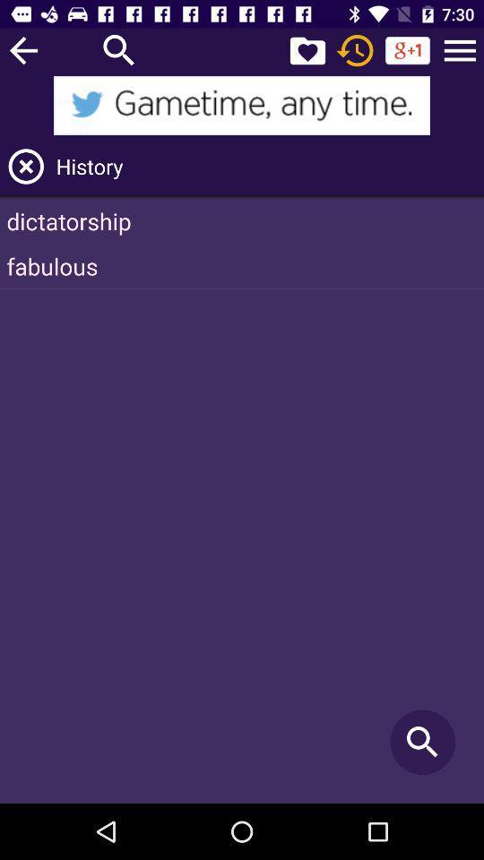 The width and height of the screenshot is (484, 860). Describe the element at coordinates (307, 49) in the screenshot. I see `the favorite icon` at that location.